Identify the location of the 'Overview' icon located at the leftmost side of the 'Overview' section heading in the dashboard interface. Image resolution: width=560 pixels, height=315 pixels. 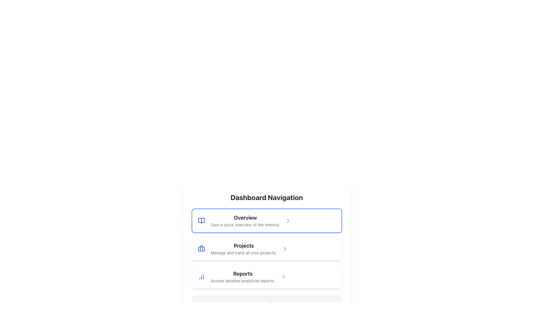
(201, 220).